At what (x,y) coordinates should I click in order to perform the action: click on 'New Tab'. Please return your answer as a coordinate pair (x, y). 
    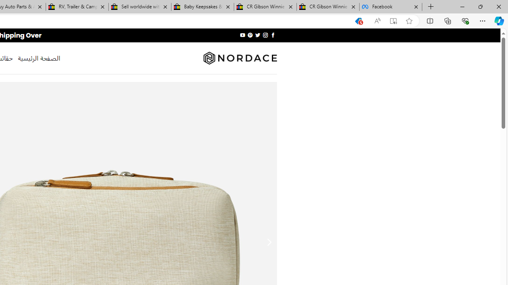
    Looking at the image, I should click on (431, 7).